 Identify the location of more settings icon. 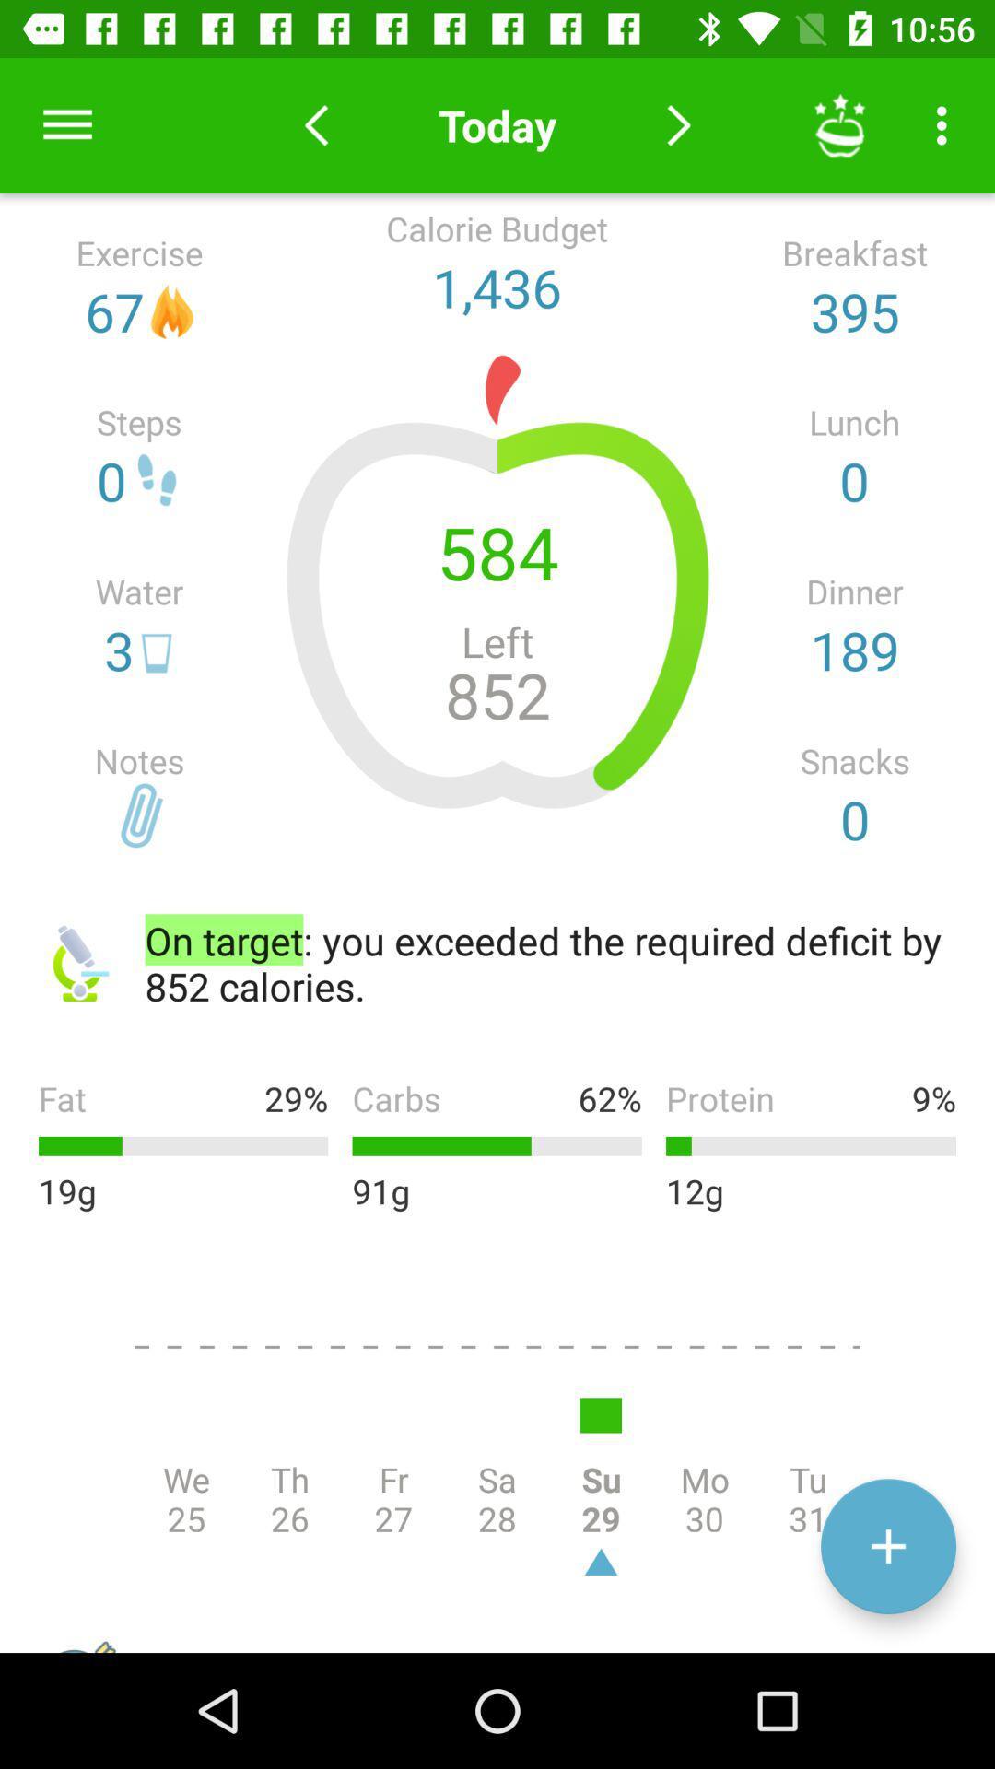
(946, 125).